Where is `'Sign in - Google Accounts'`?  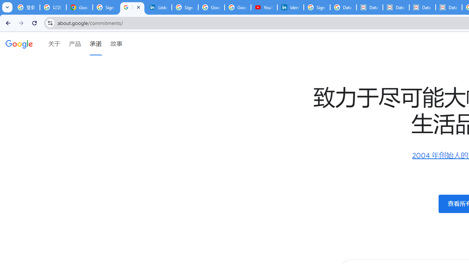 'Sign in - Google Accounts' is located at coordinates (317, 7).